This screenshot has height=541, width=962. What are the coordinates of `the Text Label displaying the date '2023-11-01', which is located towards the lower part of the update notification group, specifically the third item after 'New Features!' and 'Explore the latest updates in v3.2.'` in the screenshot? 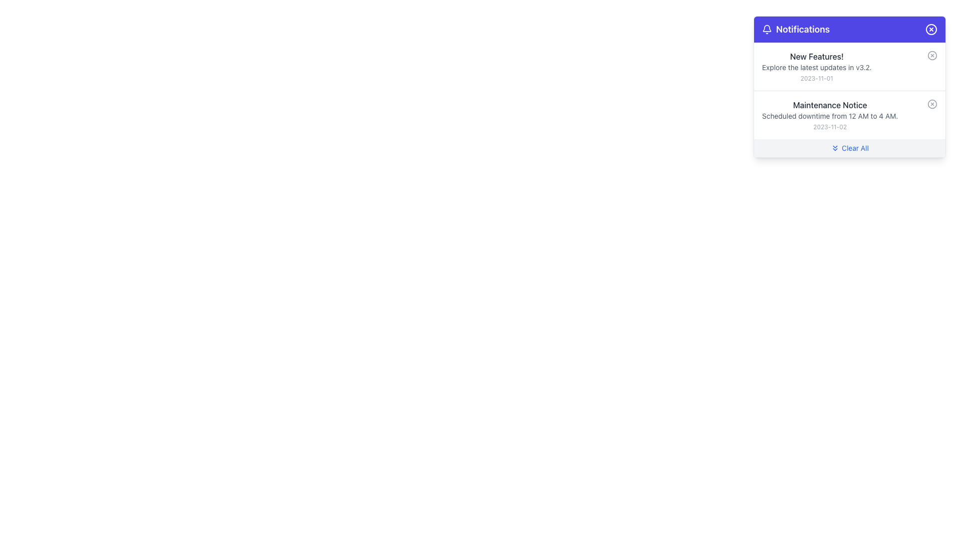 It's located at (817, 78).